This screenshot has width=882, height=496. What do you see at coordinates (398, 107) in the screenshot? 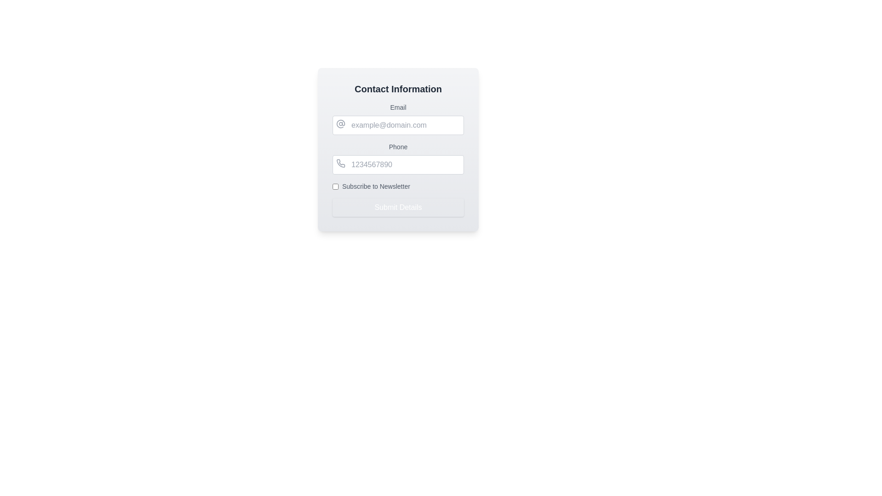
I see `the text label that describes the email input field located above the input box with placeholder text 'example@domain.com'` at bounding box center [398, 107].